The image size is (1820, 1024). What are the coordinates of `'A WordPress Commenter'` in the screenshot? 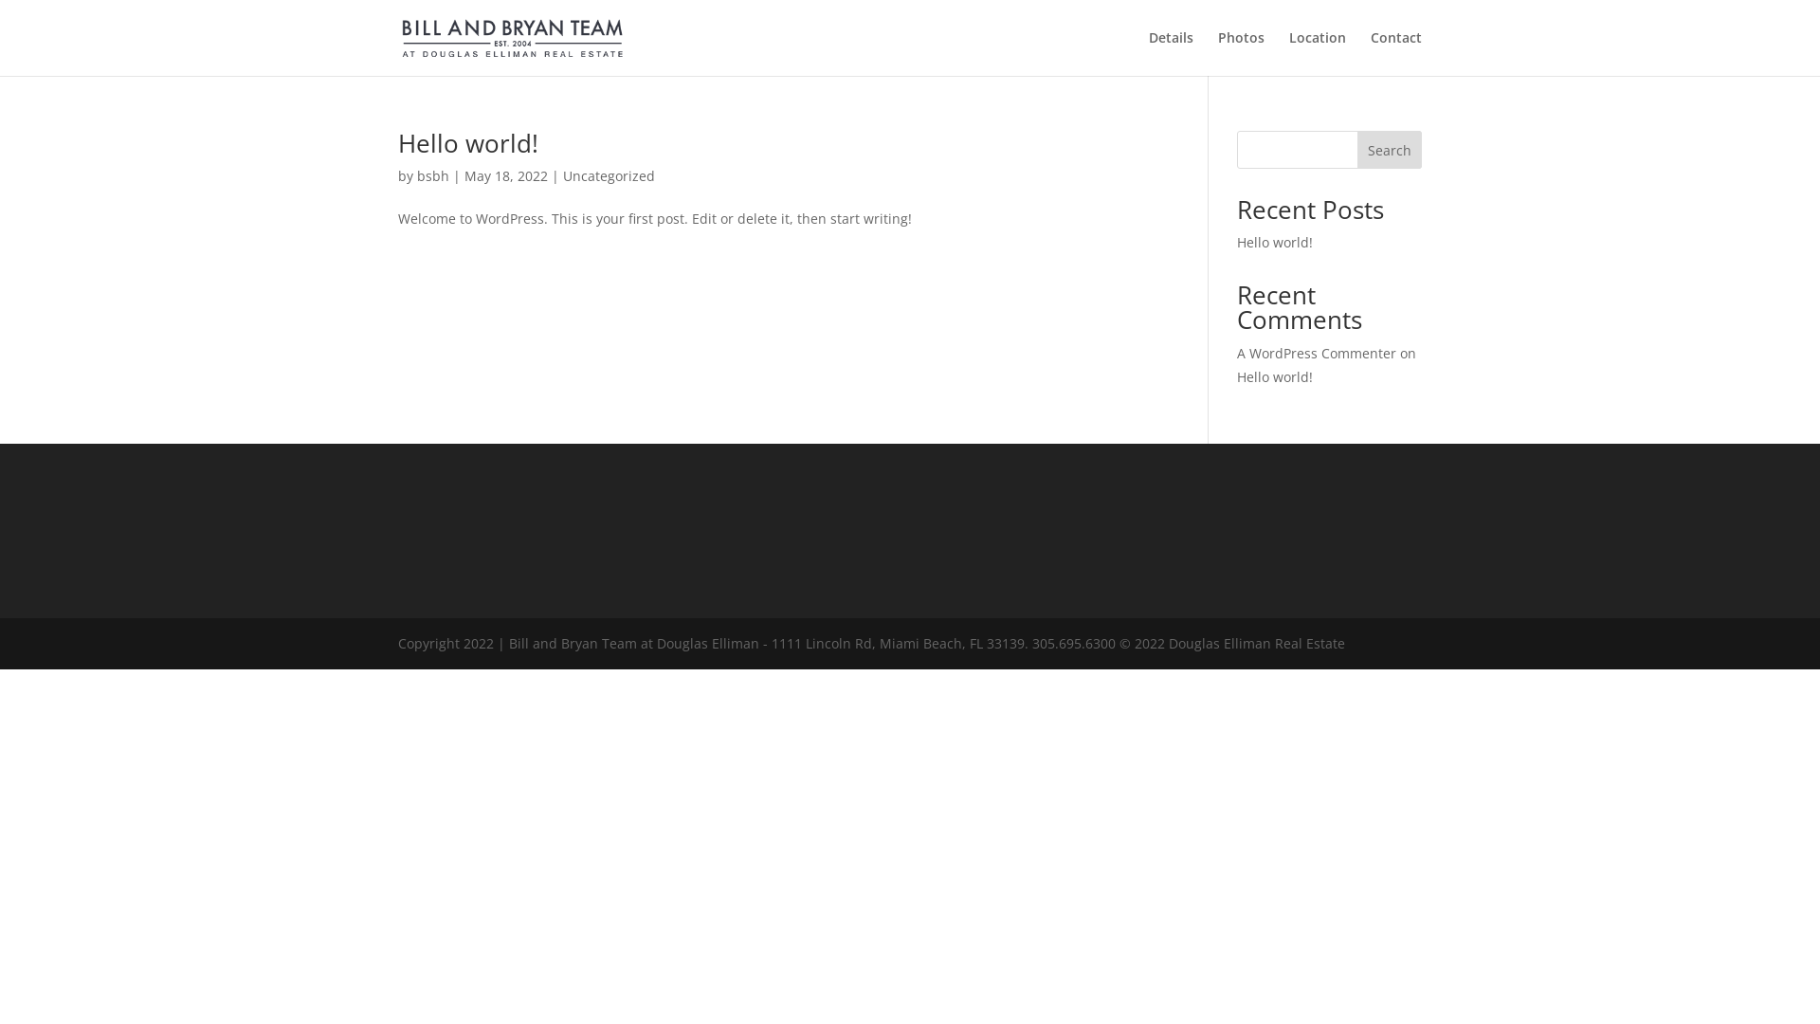 It's located at (1315, 353).